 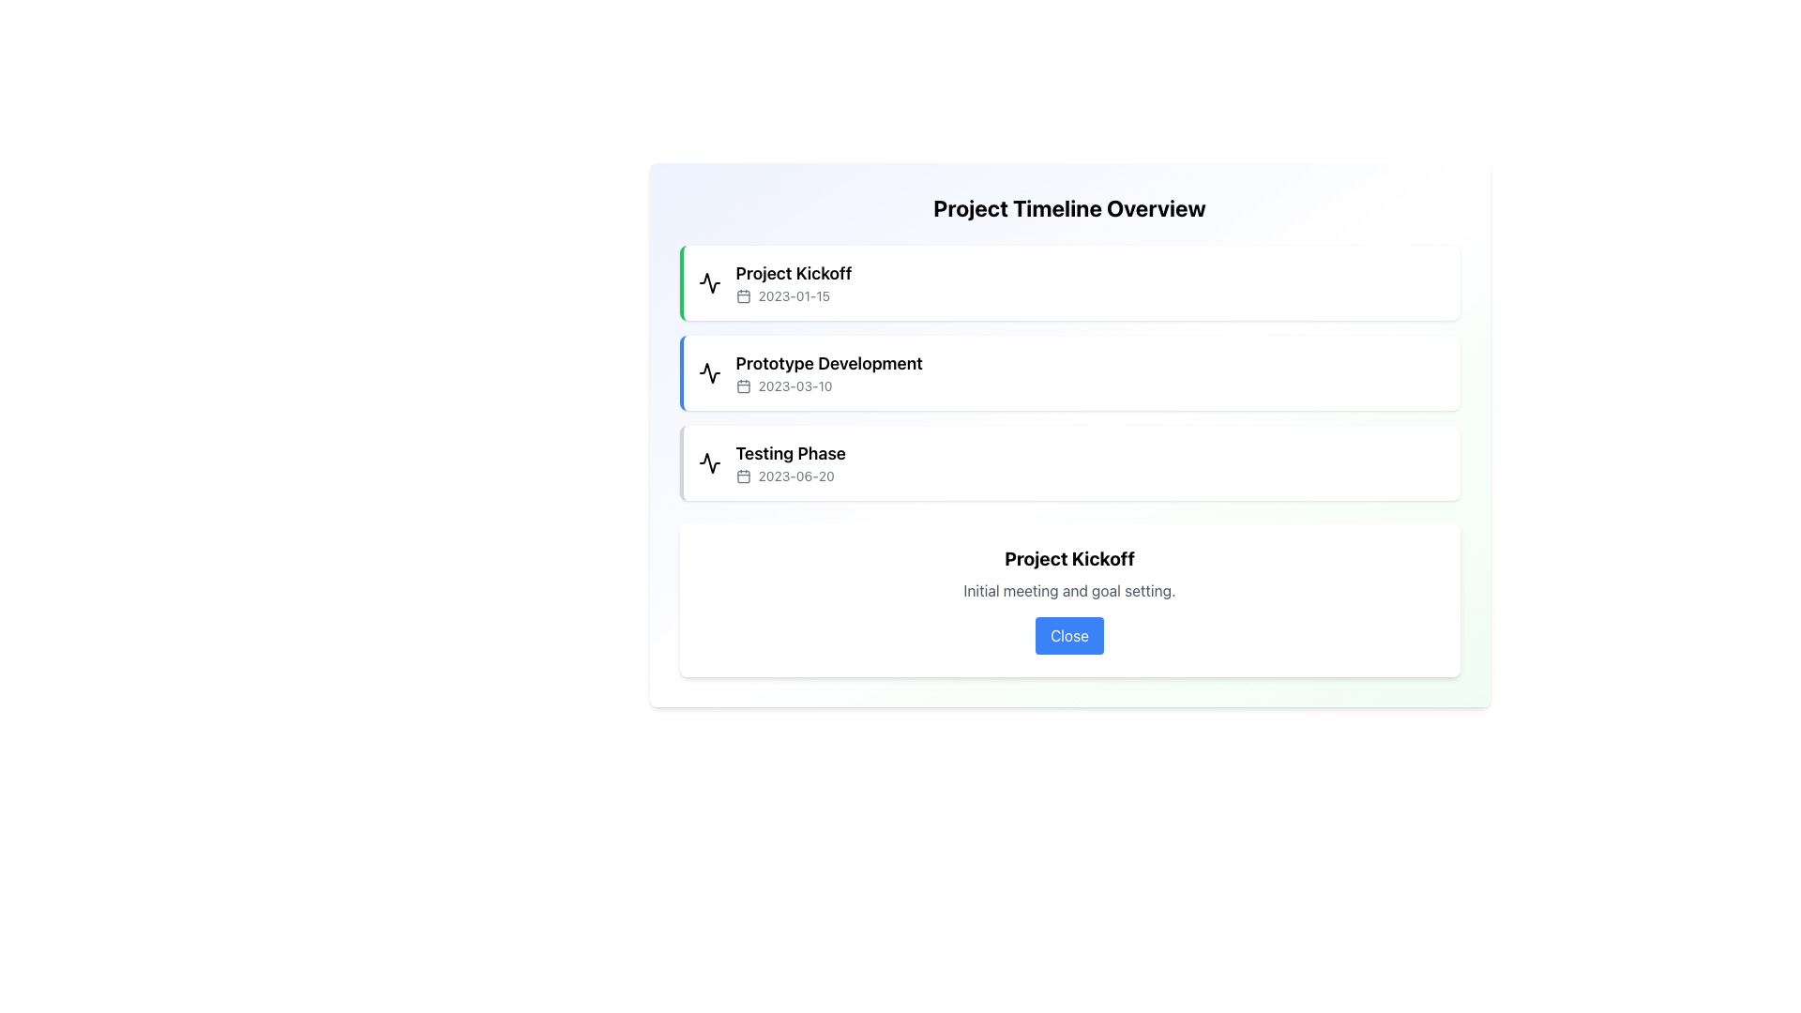 I want to click on the calendar icon located within the first timeline entry labeled 'Project Kickoff', which is adjacent to the text '2023-01-15', so click(x=742, y=295).